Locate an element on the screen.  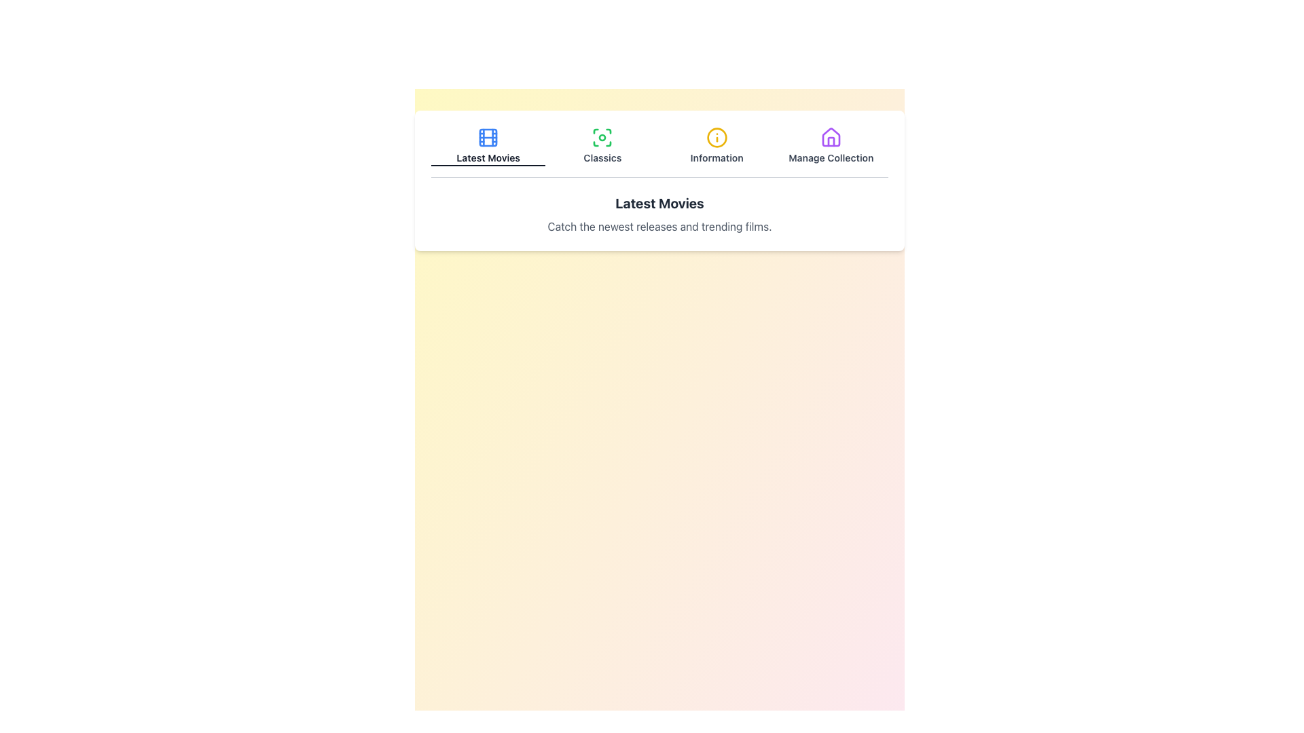
the 'Information' button, which is the third button in a horizontal navigation bar with a yellow 'i' icon and bold dark gray text, to trigger a visual change is located at coordinates (716, 147).